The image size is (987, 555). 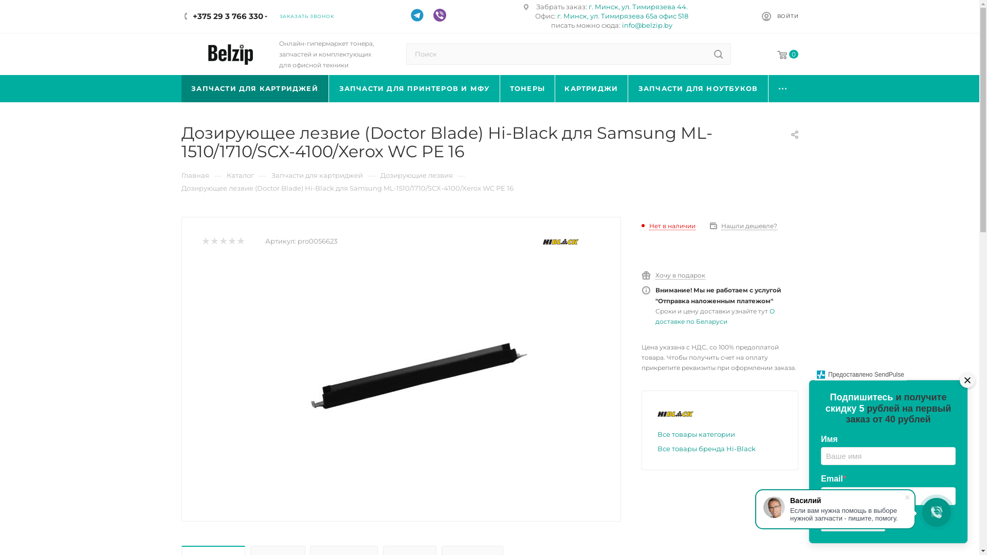 What do you see at coordinates (780, 55) in the screenshot?
I see `'0'` at bounding box center [780, 55].